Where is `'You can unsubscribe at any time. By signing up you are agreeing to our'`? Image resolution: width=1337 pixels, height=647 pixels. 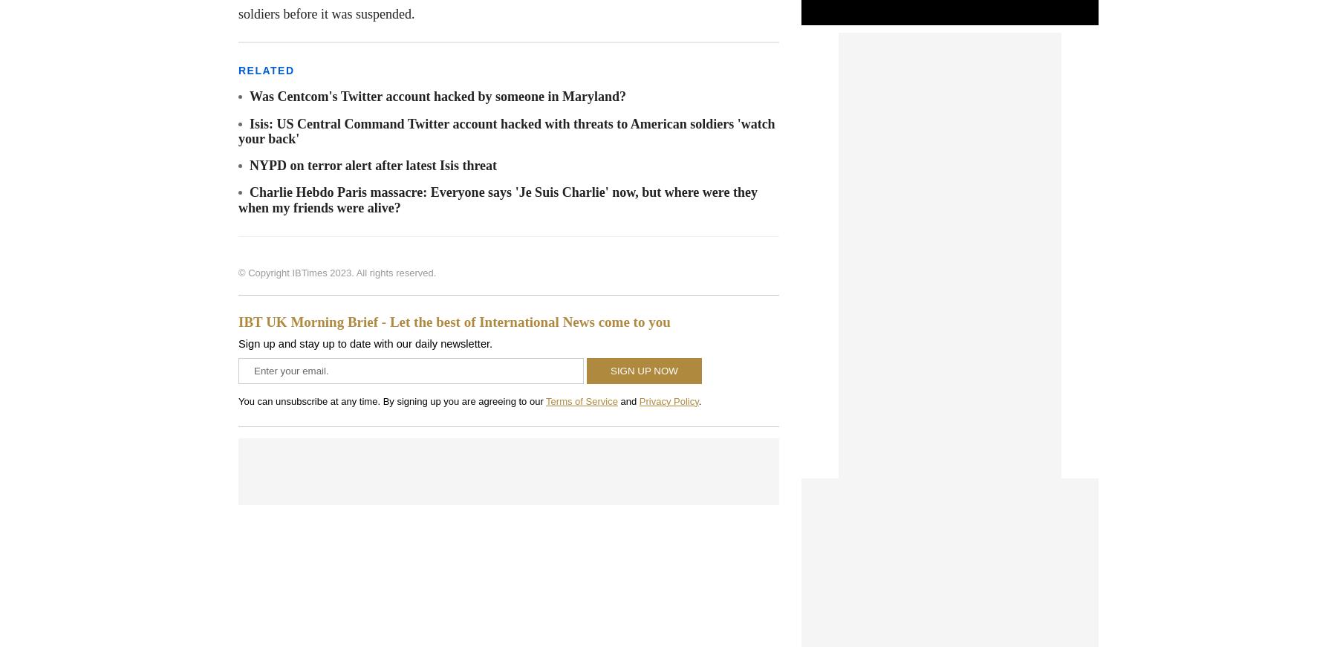
'You can unsubscribe at any time. By signing up you are agreeing to our' is located at coordinates (391, 400).